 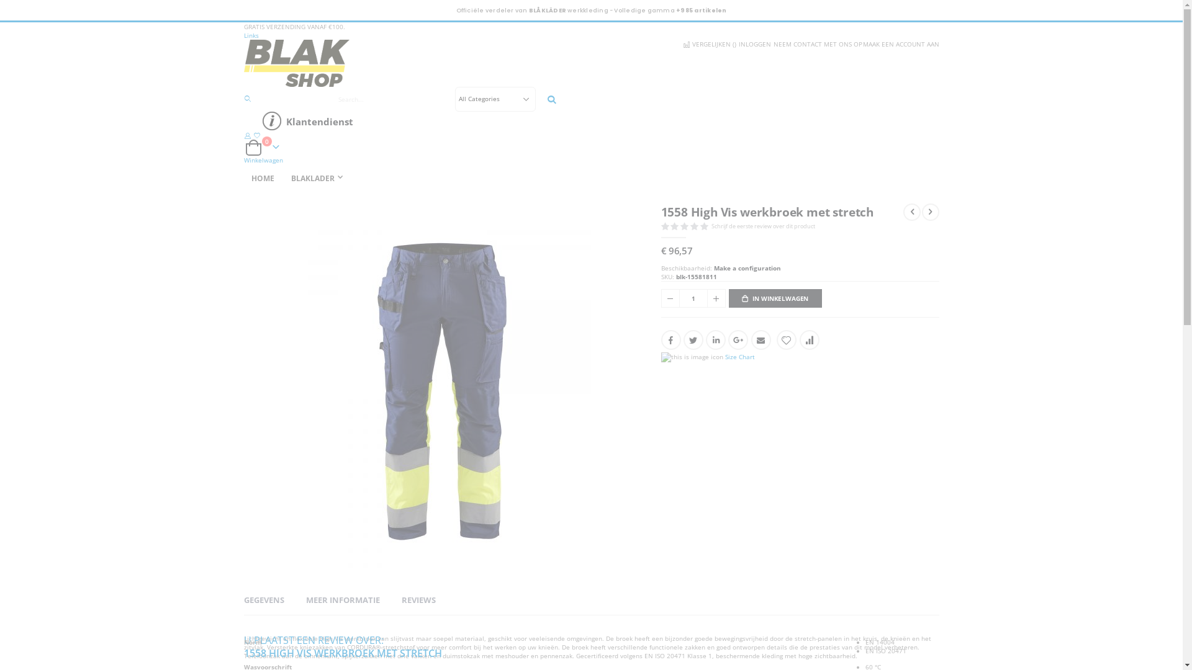 I want to click on 'GEGEVENS', so click(x=263, y=599).